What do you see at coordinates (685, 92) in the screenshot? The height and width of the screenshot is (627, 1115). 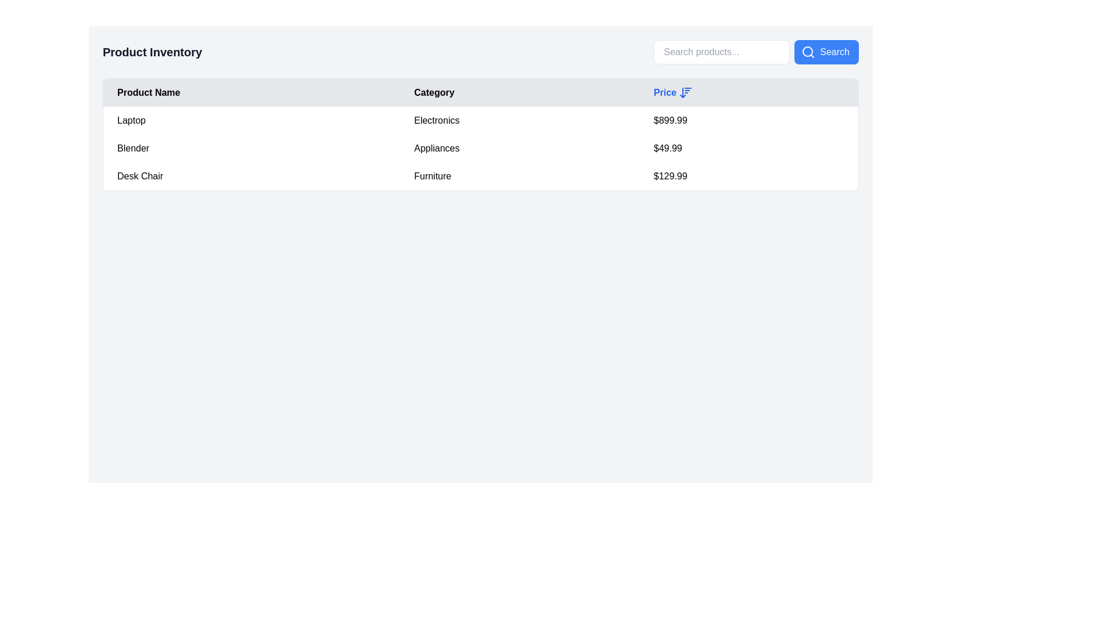 I see `the blue downward arrow icon located immediately to the right of the 'Price' column header to change the sorting order` at bounding box center [685, 92].